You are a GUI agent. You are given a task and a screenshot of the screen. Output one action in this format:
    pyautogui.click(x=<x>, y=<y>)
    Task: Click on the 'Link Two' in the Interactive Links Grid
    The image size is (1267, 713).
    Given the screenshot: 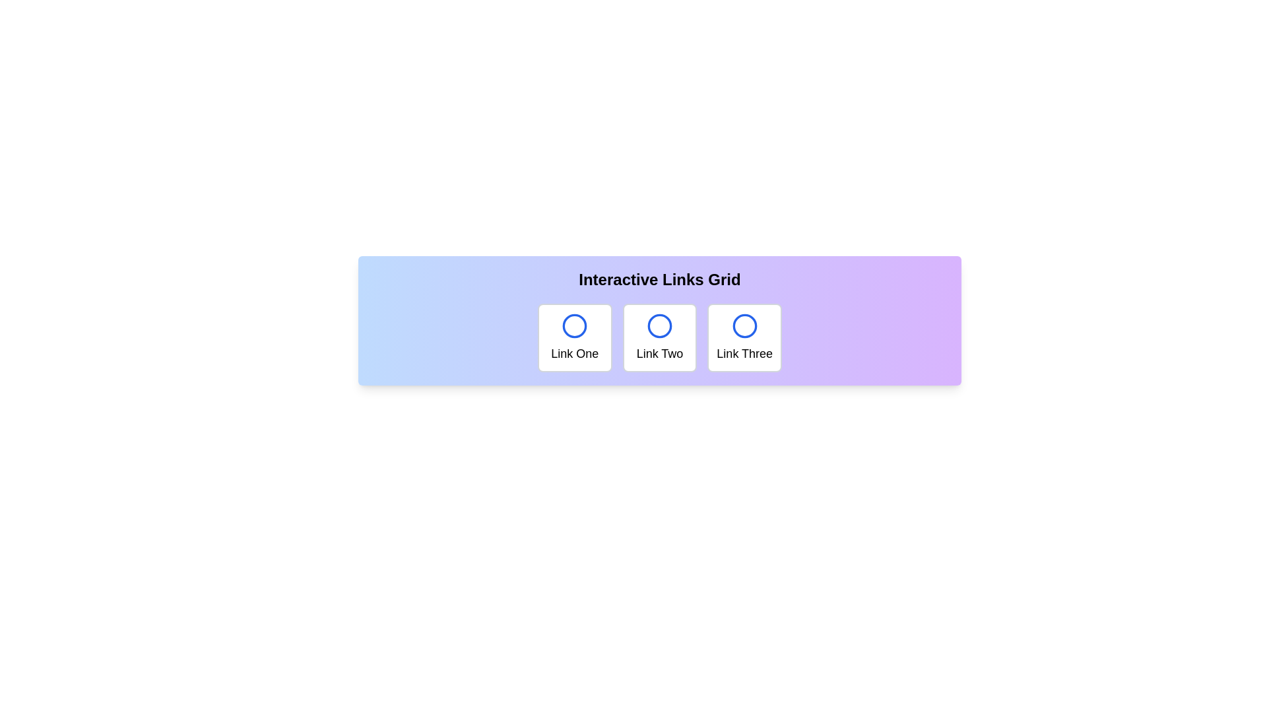 What is the action you would take?
    pyautogui.click(x=659, y=337)
    